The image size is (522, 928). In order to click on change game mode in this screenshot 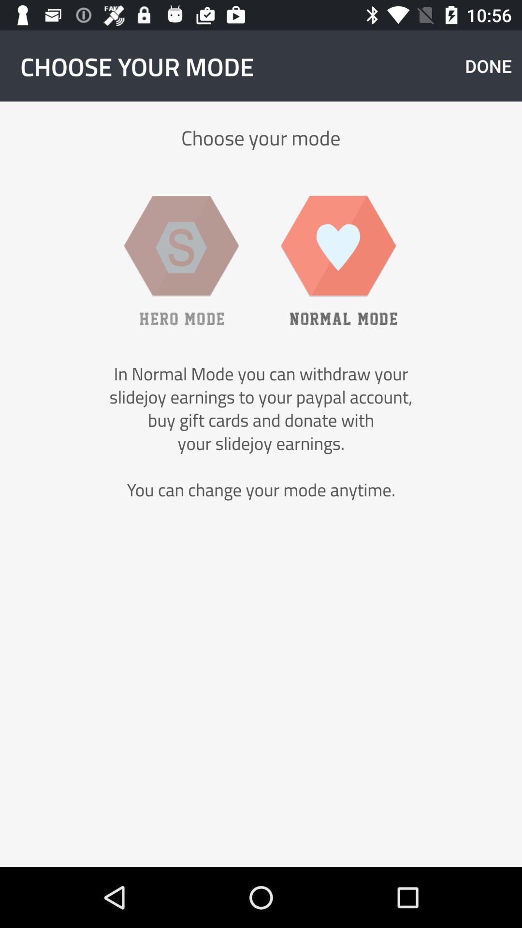, I will do `click(181, 260)`.